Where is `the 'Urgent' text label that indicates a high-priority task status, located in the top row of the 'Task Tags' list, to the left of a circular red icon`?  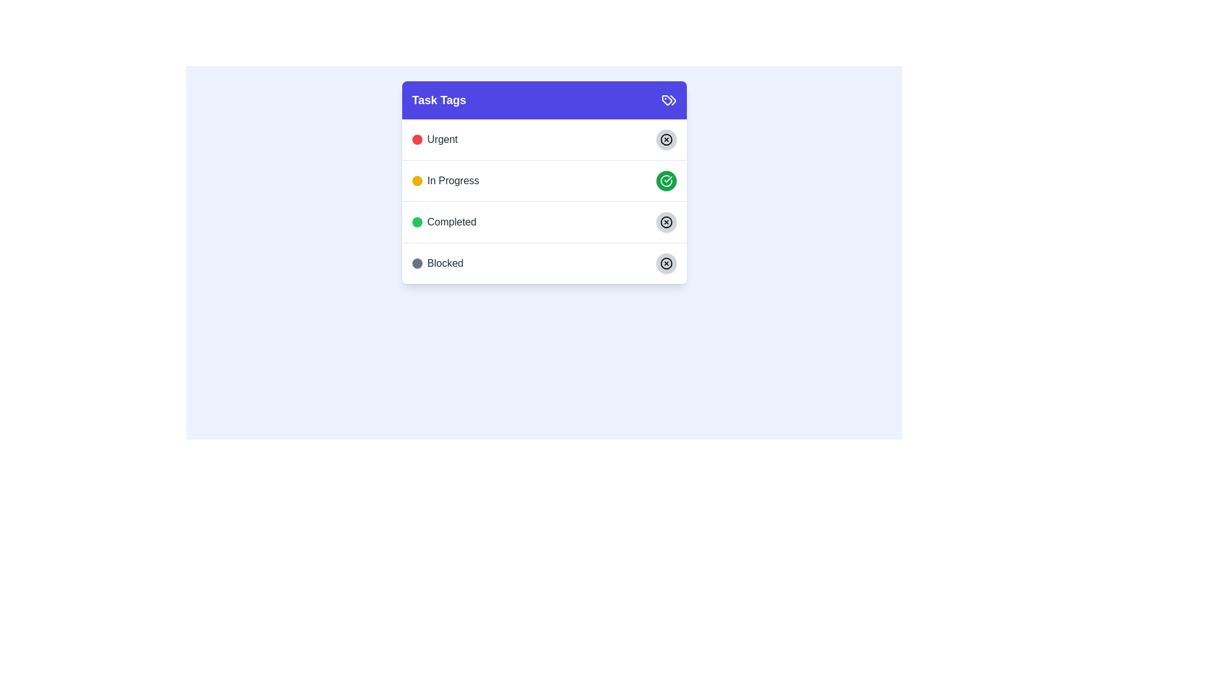 the 'Urgent' text label that indicates a high-priority task status, located in the top row of the 'Task Tags' list, to the left of a circular red icon is located at coordinates (442, 139).